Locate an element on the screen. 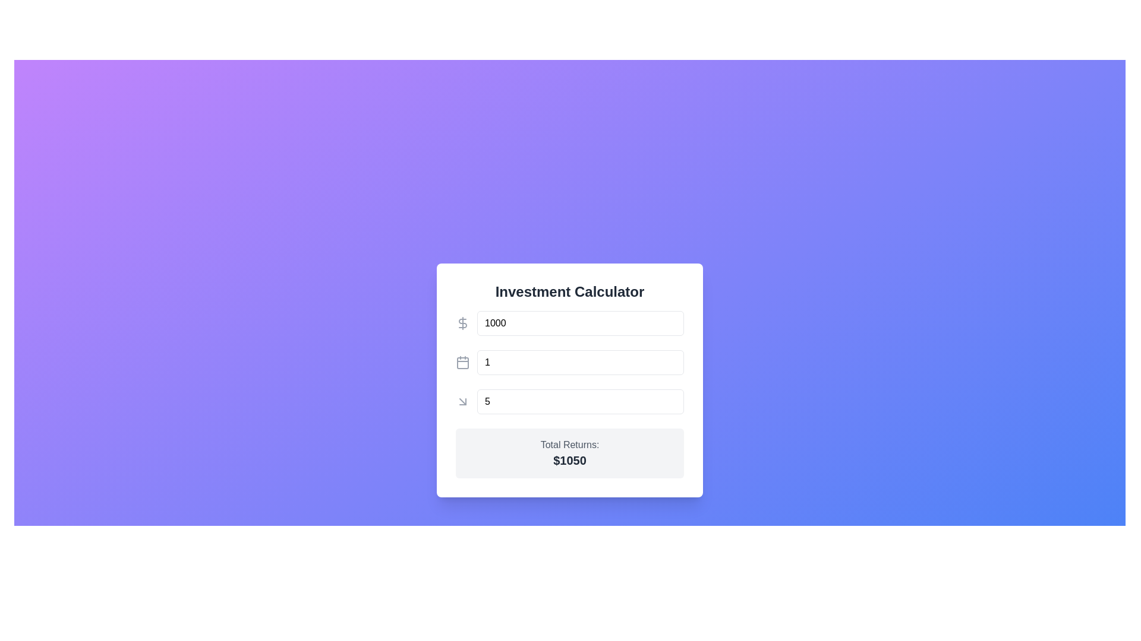 This screenshot has width=1141, height=641. the gray dollar sign icon located on the left side of the input field labeled '1000' is located at coordinates (462, 323).